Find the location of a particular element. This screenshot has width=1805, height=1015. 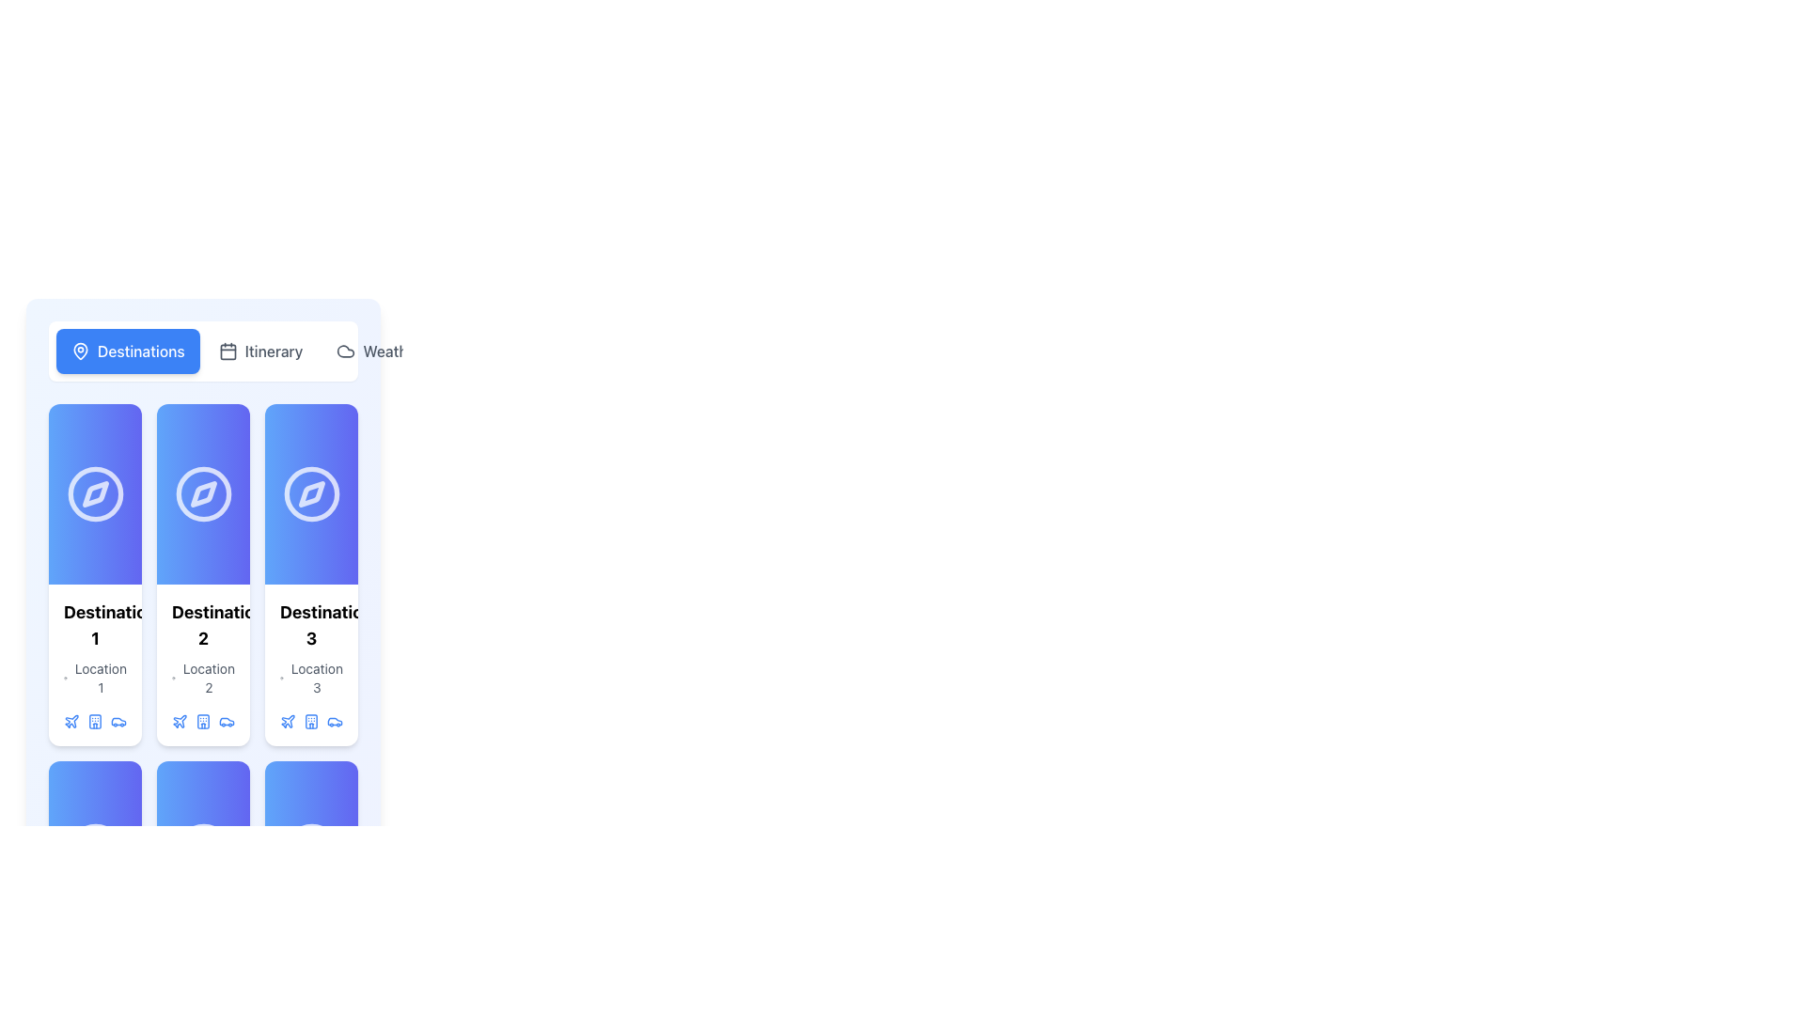

the icon associated with 'Location 2' in the second card under the 'Destinations' section is located at coordinates (173, 678).